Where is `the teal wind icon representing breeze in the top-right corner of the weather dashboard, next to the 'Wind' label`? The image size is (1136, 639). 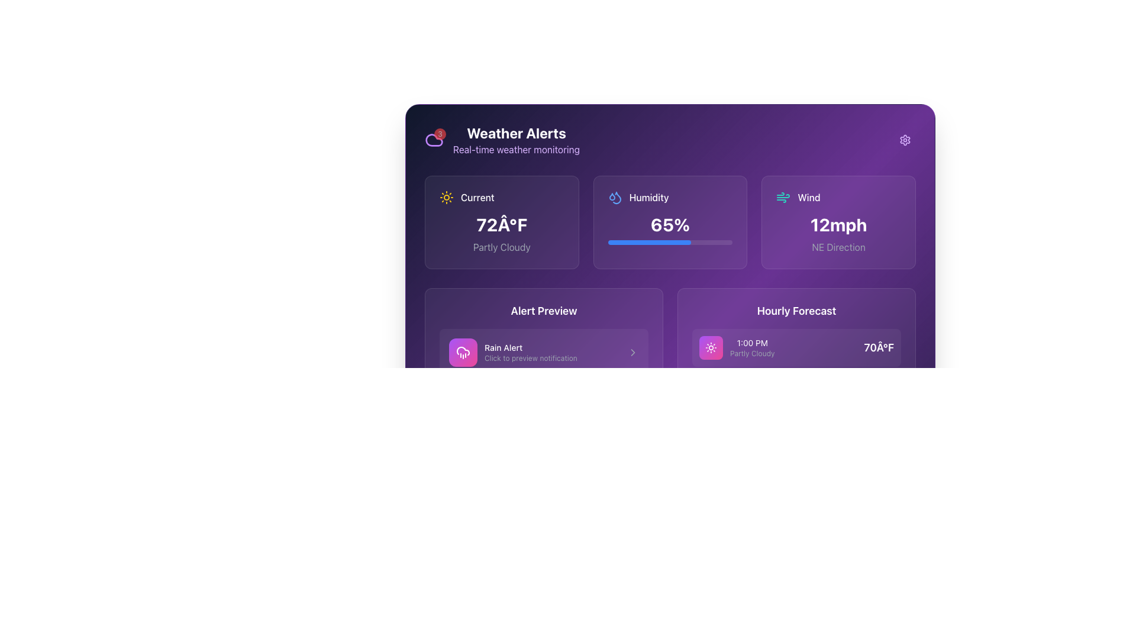
the teal wind icon representing breeze in the top-right corner of the weather dashboard, next to the 'Wind' label is located at coordinates (783, 197).